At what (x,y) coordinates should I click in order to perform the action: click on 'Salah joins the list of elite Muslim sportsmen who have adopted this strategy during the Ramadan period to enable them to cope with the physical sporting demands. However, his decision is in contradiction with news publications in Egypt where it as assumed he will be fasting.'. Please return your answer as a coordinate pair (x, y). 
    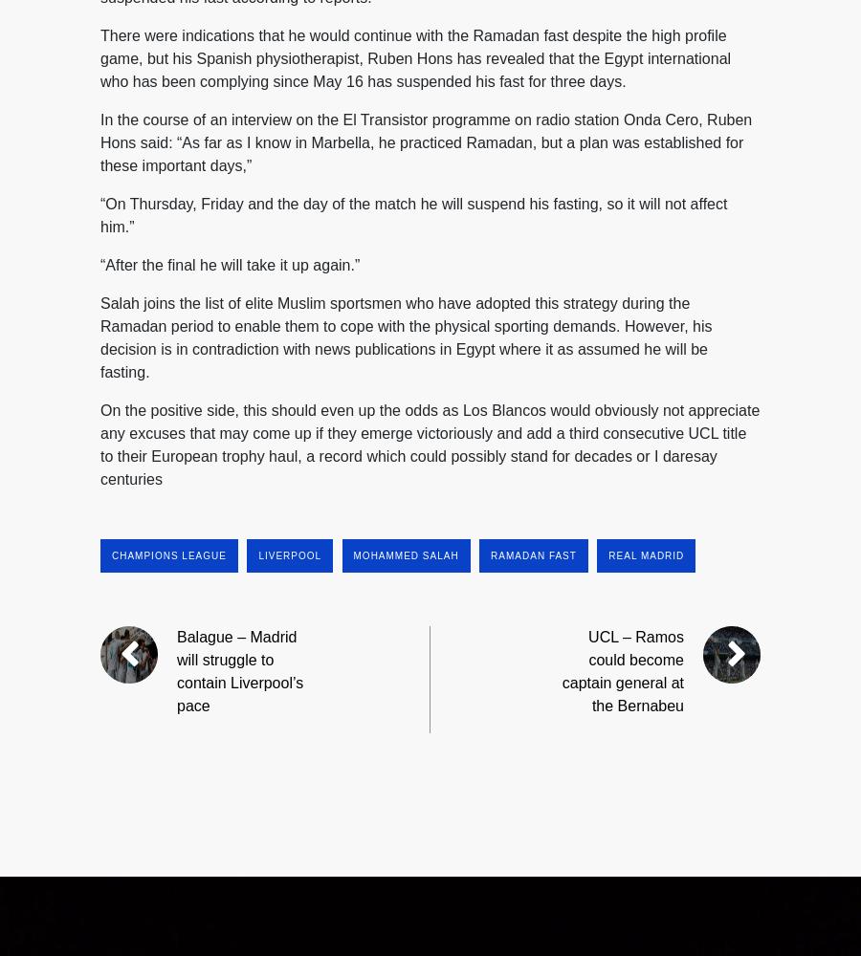
    Looking at the image, I should click on (406, 336).